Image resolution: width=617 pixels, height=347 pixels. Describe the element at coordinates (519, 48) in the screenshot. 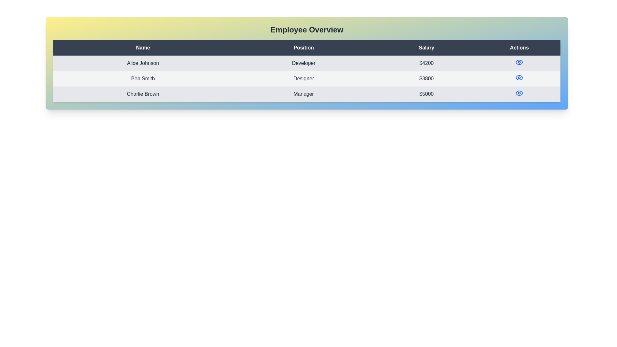

I see `the 'Actions' column header cell in the table, which is the fourth column header located in the top-right corner` at that location.